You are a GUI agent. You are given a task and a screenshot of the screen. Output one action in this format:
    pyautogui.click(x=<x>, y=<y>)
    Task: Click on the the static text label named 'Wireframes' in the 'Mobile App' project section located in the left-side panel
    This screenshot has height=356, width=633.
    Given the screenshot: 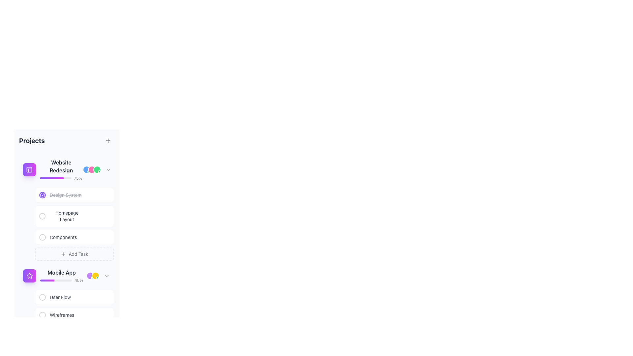 What is the action you would take?
    pyautogui.click(x=62, y=315)
    